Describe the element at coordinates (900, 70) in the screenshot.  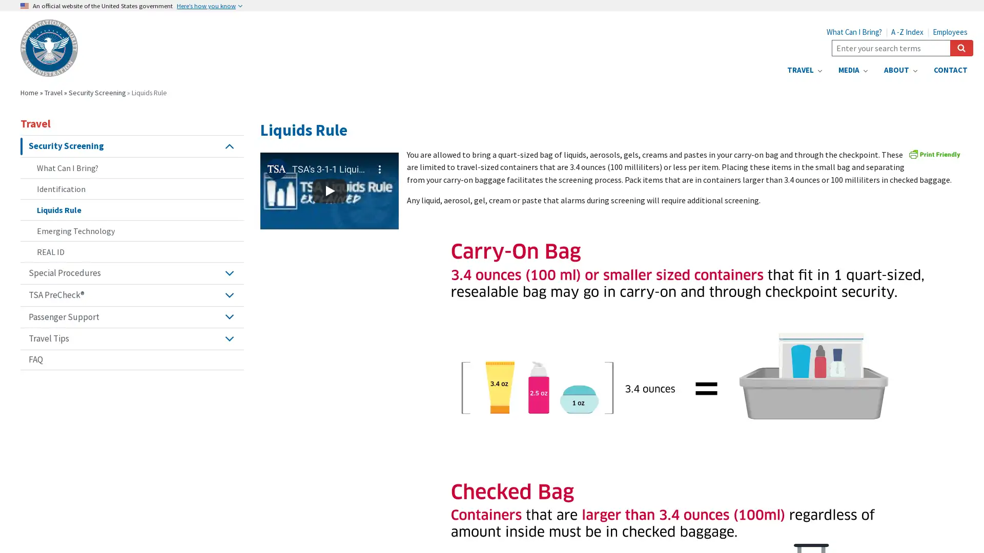
I see `ABOUT` at that location.